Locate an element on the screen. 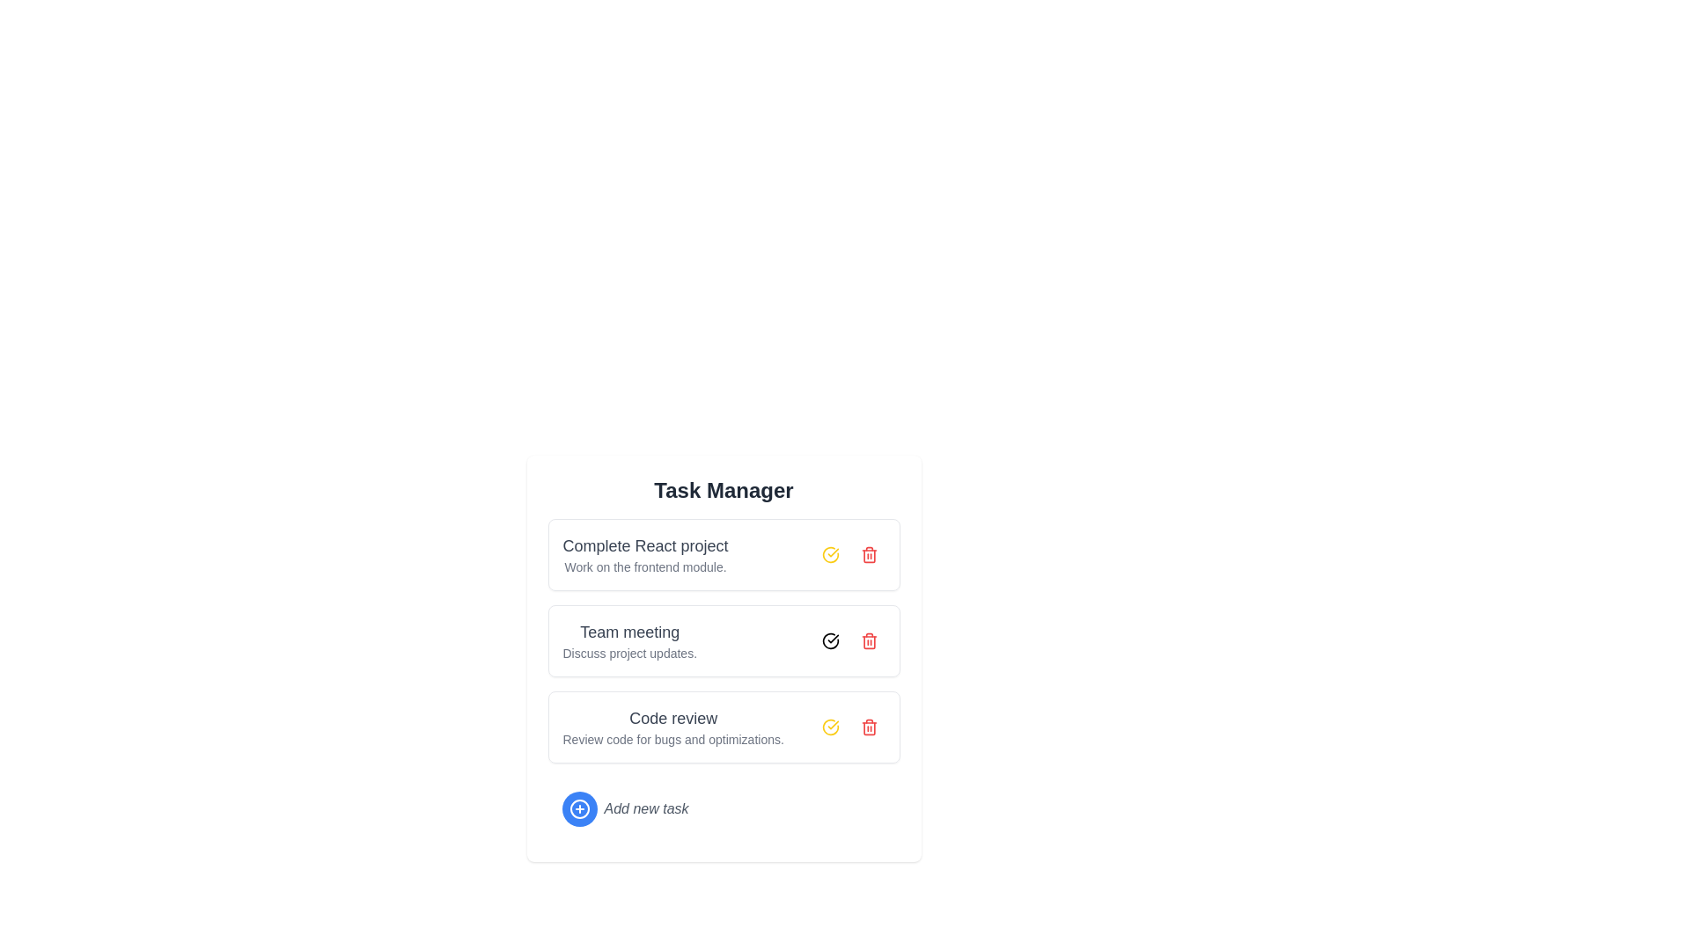  the text label displaying the title of the specific task in the second task box under the 'Task Manager' header is located at coordinates (629, 631).